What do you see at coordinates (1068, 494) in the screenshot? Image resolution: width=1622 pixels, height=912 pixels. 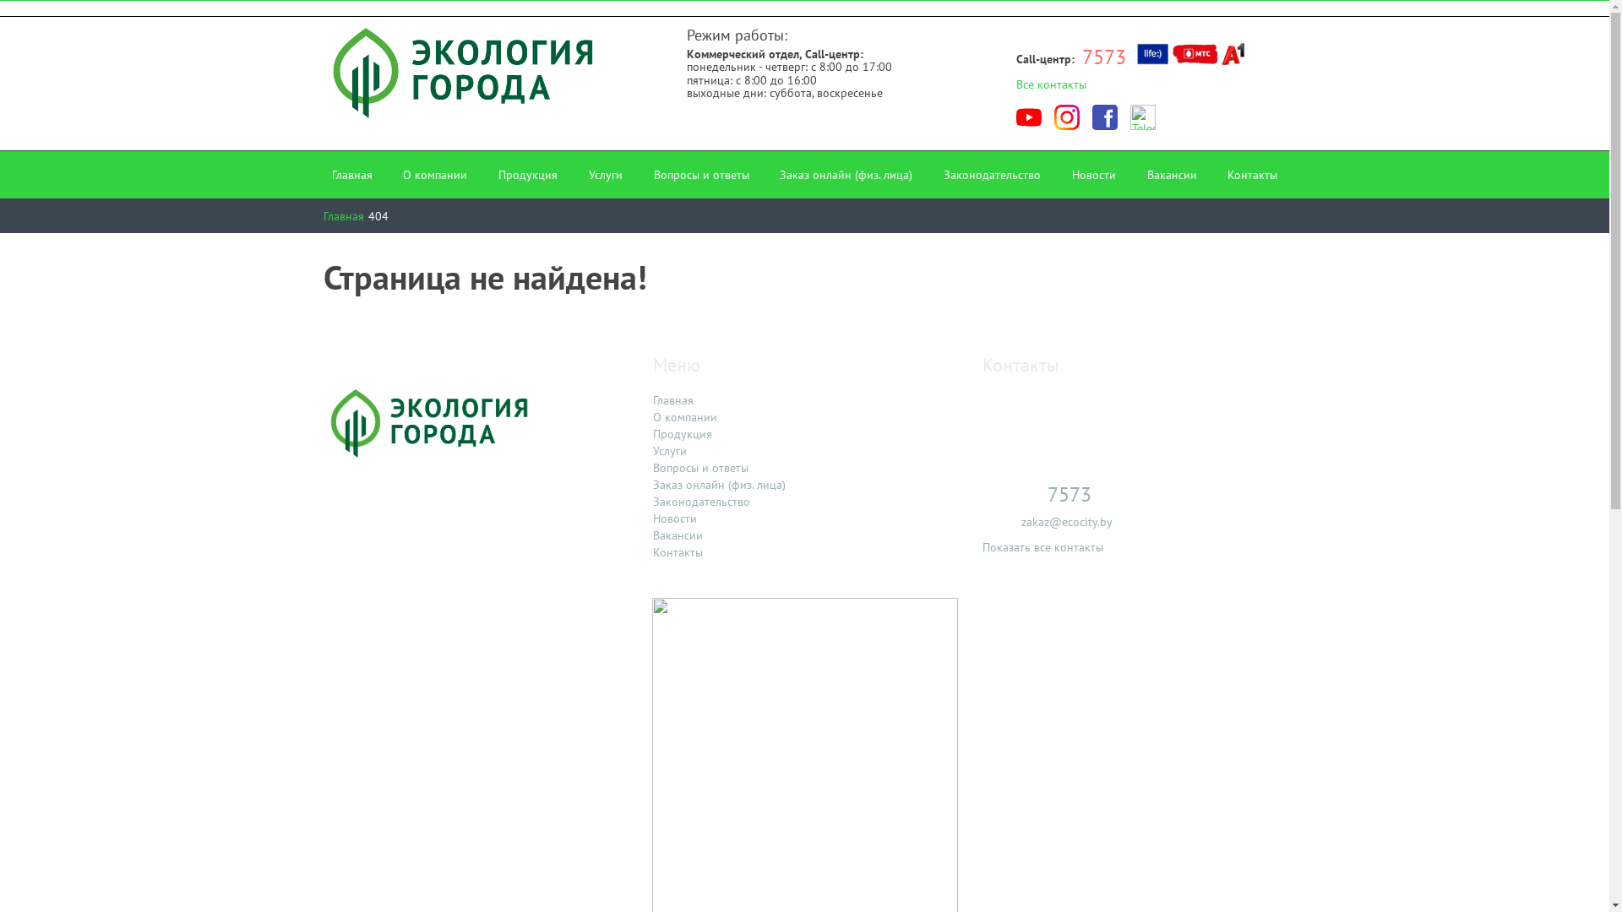 I see `'7573'` at bounding box center [1068, 494].